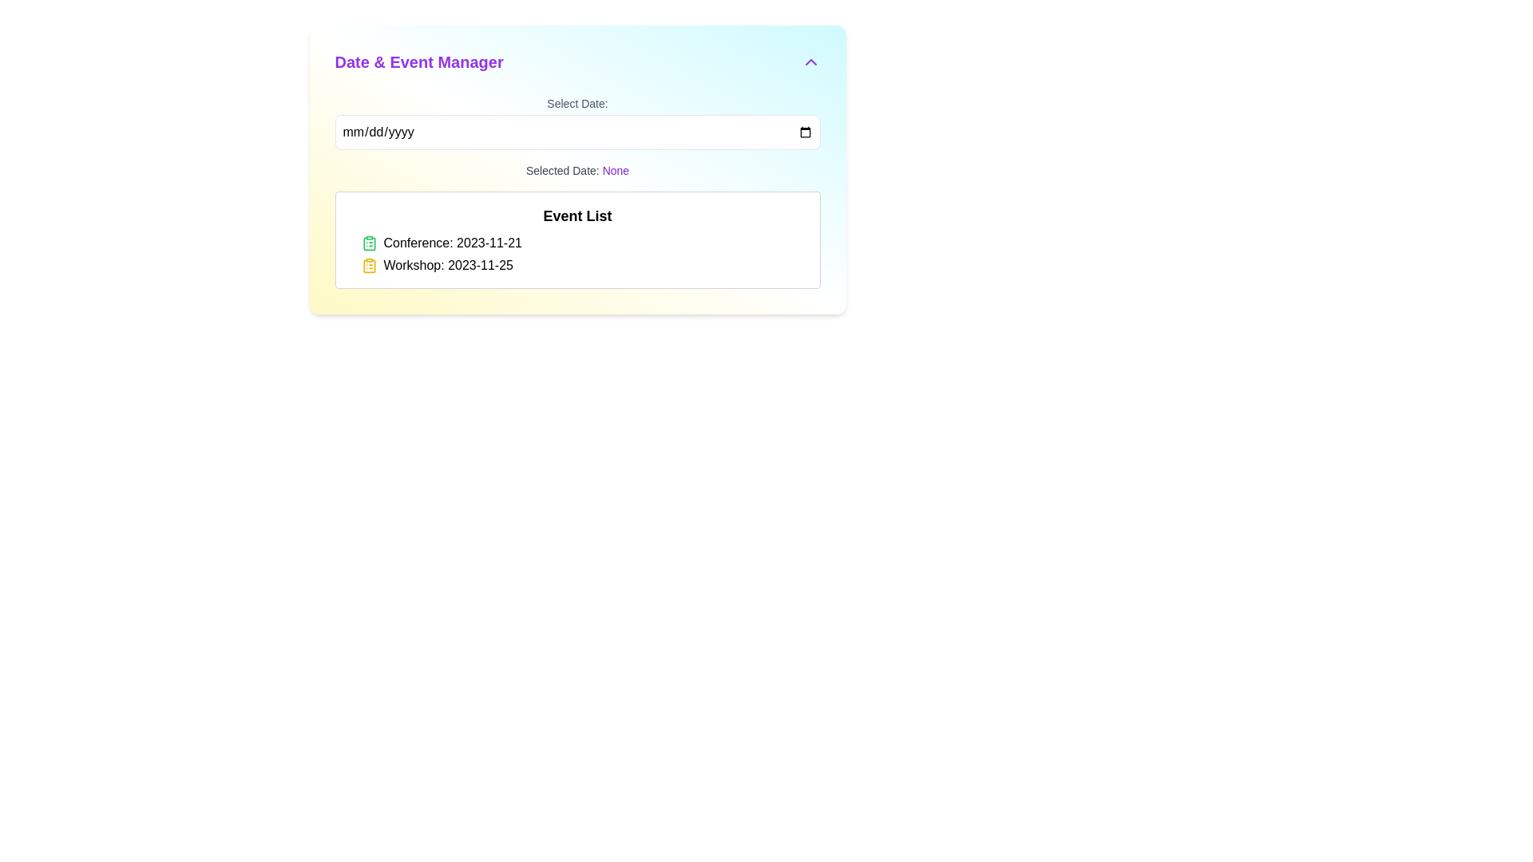  Describe the element at coordinates (368, 264) in the screenshot. I see `the yellow clipboard icon that features a minimalist design and is positioned to the left of the text 'Workshop: 2023-11-25' in the 'Date & Event Manager' panel` at that location.